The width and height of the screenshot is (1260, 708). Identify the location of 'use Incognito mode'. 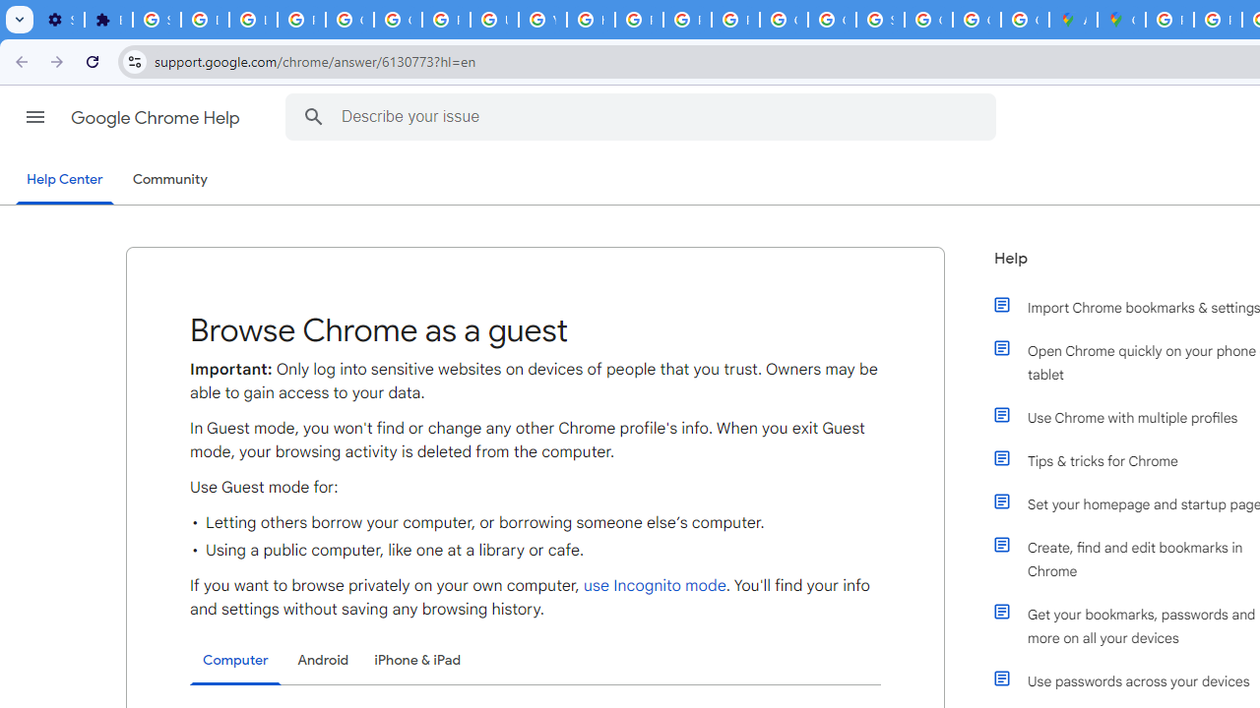
(654, 585).